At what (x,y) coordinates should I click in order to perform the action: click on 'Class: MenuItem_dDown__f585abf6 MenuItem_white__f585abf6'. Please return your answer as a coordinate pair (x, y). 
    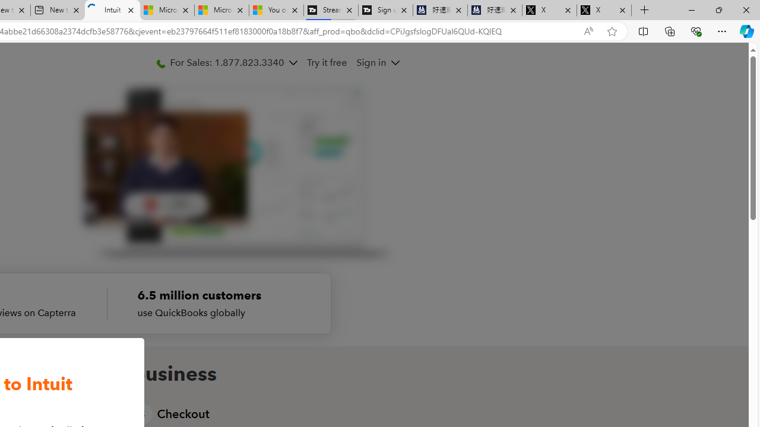
    Looking at the image, I should click on (394, 63).